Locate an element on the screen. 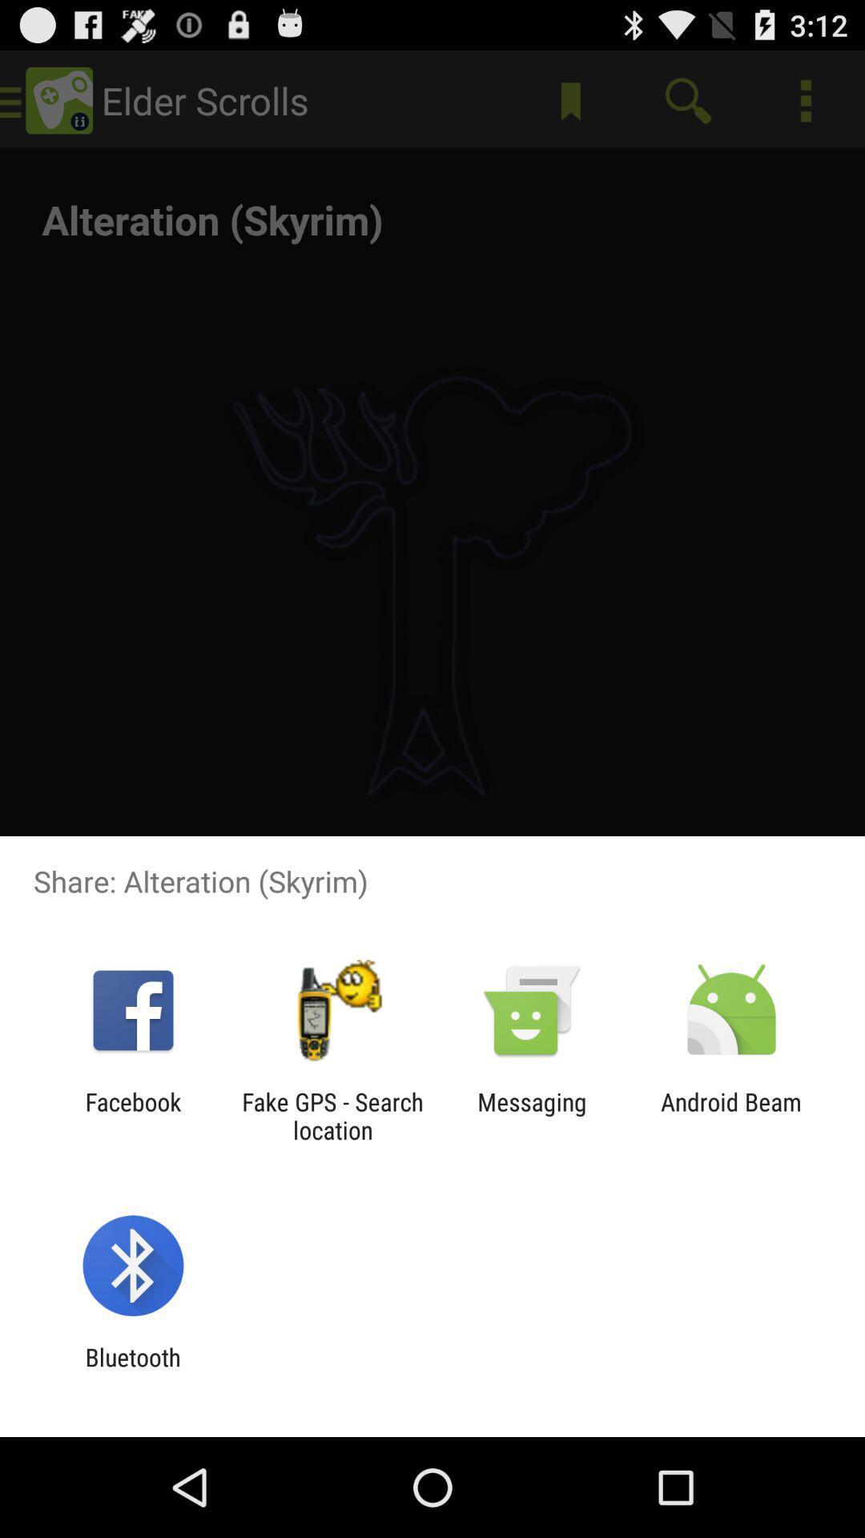 This screenshot has width=865, height=1538. the app to the right of the messaging is located at coordinates (731, 1115).